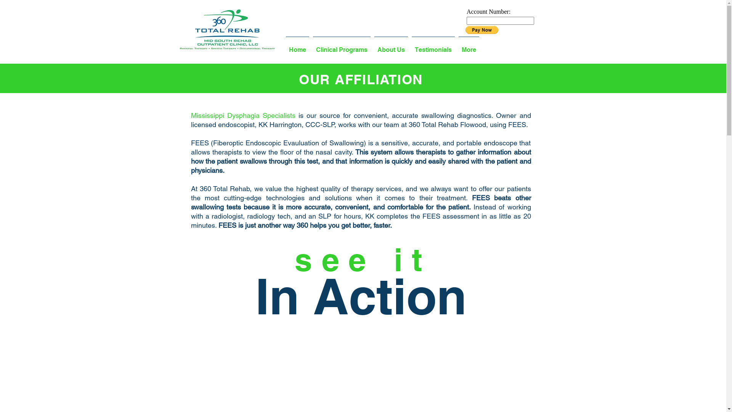 Image resolution: width=732 pixels, height=412 pixels. I want to click on 'About Us', so click(391, 46).